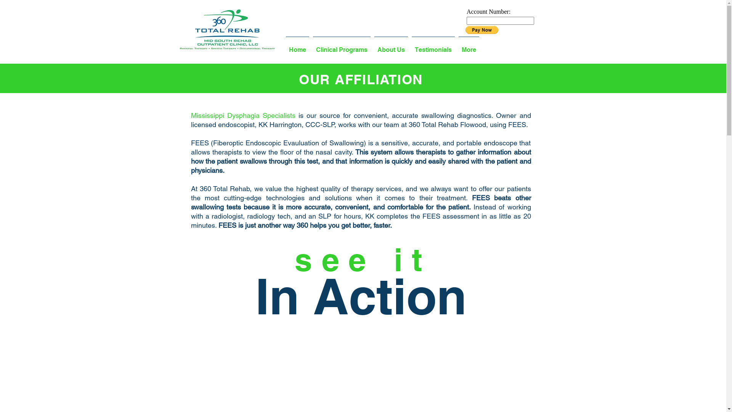 Image resolution: width=732 pixels, height=412 pixels. I want to click on 'About Us', so click(391, 46).